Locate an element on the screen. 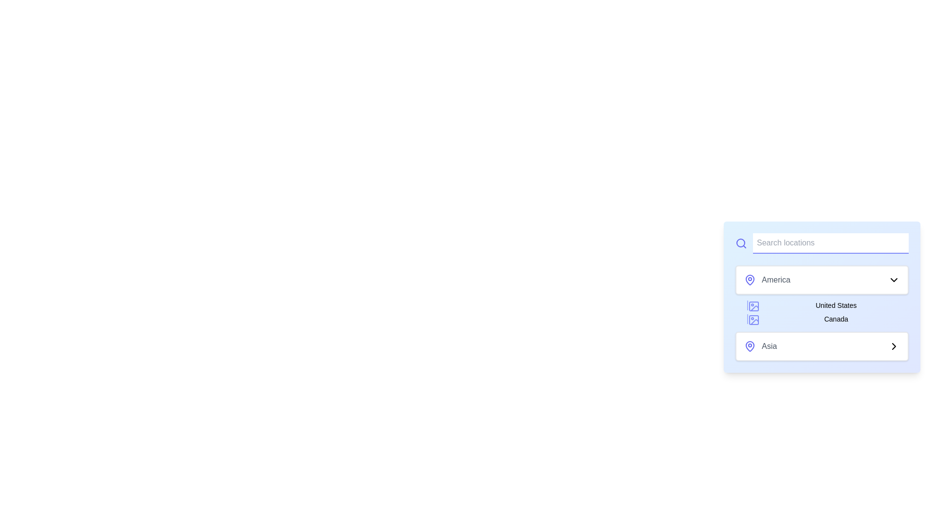 The image size is (937, 527). the search icon located inside the search bar, which visually indicates search capability with a circle and line representing a magnifying glass is located at coordinates (740, 242).